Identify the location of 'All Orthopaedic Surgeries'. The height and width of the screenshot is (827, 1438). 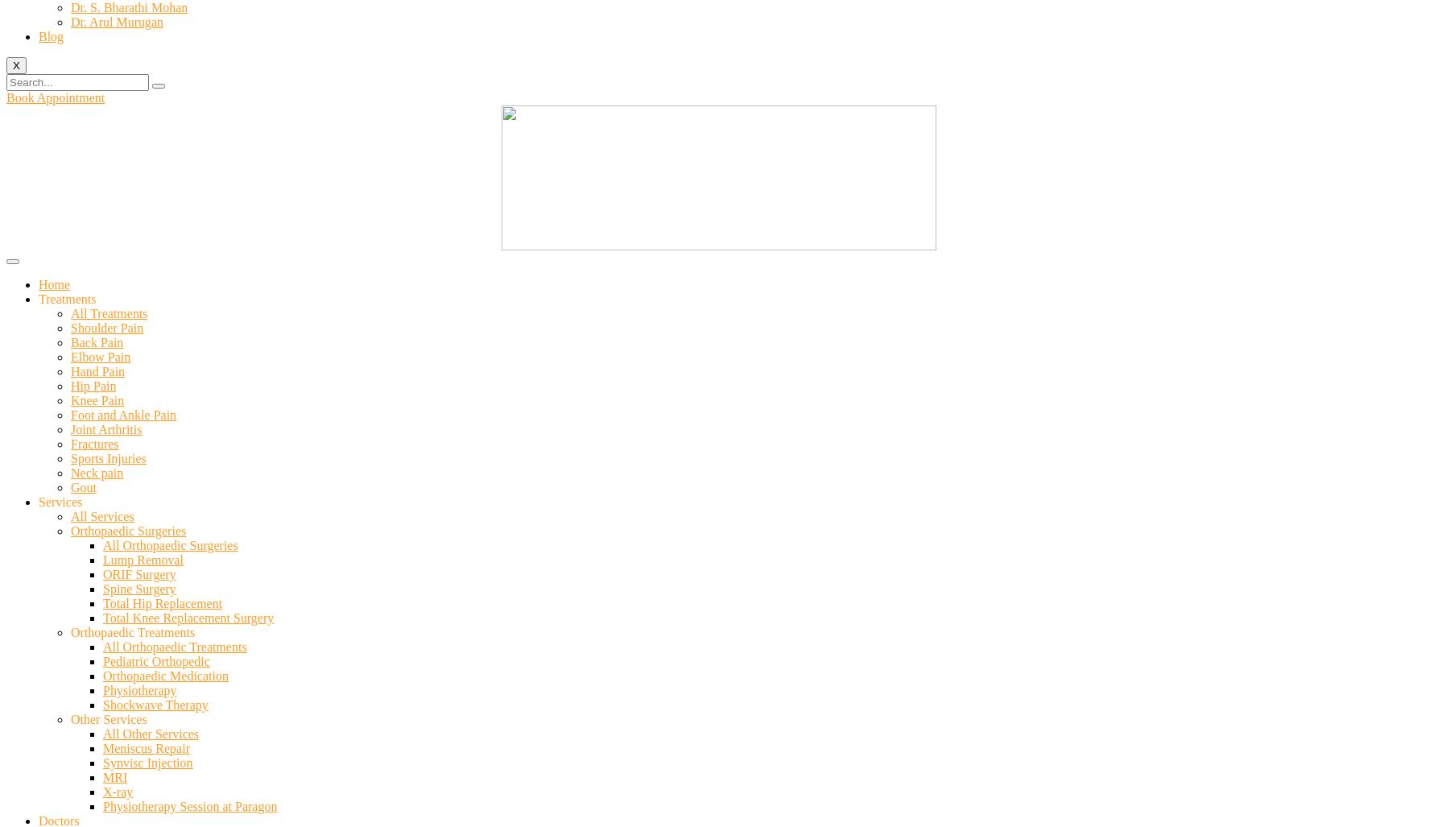
(103, 544).